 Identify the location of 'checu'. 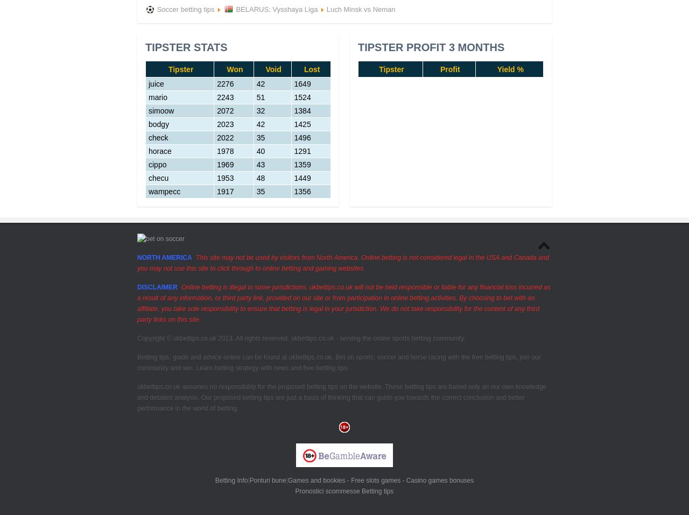
(158, 178).